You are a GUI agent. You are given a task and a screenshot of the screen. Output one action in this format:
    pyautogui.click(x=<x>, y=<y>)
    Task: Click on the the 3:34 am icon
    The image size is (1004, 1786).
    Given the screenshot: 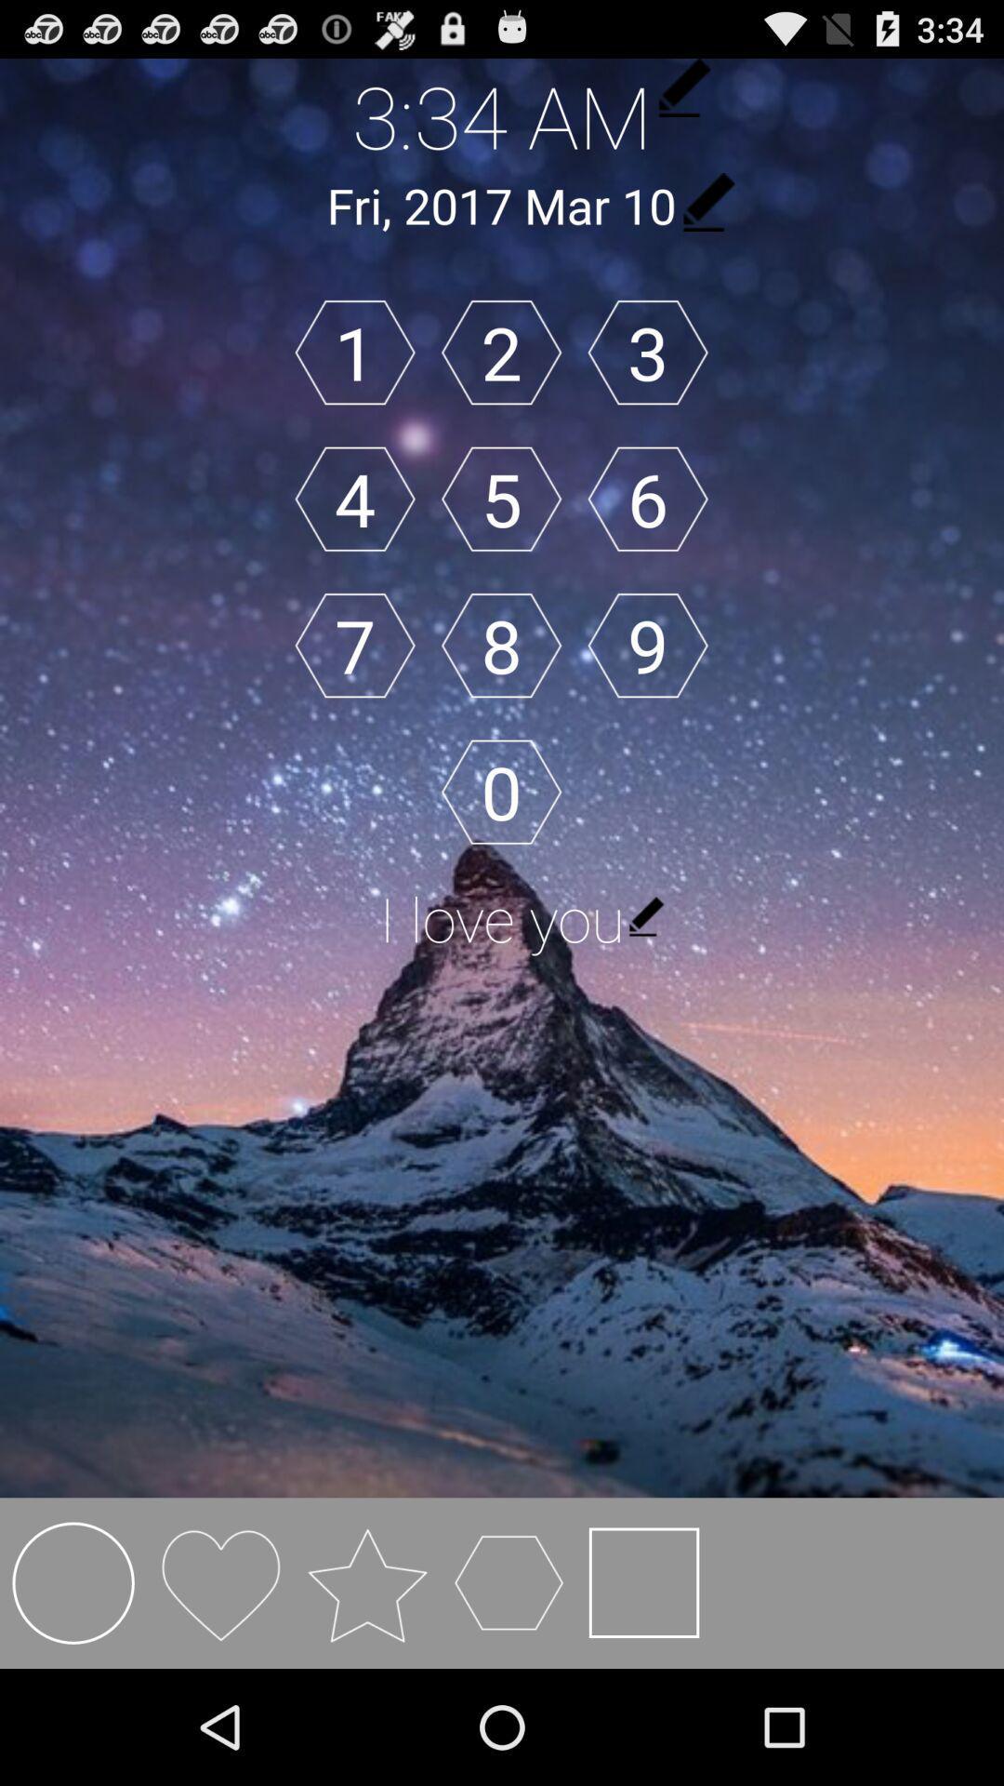 What is the action you would take?
    pyautogui.click(x=502, y=114)
    